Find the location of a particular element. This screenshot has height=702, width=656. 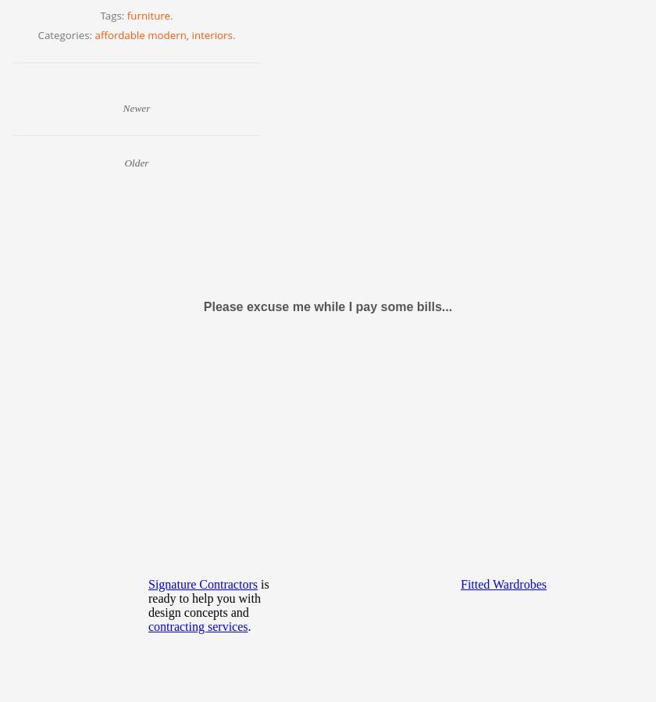

'interiors' is located at coordinates (191, 34).